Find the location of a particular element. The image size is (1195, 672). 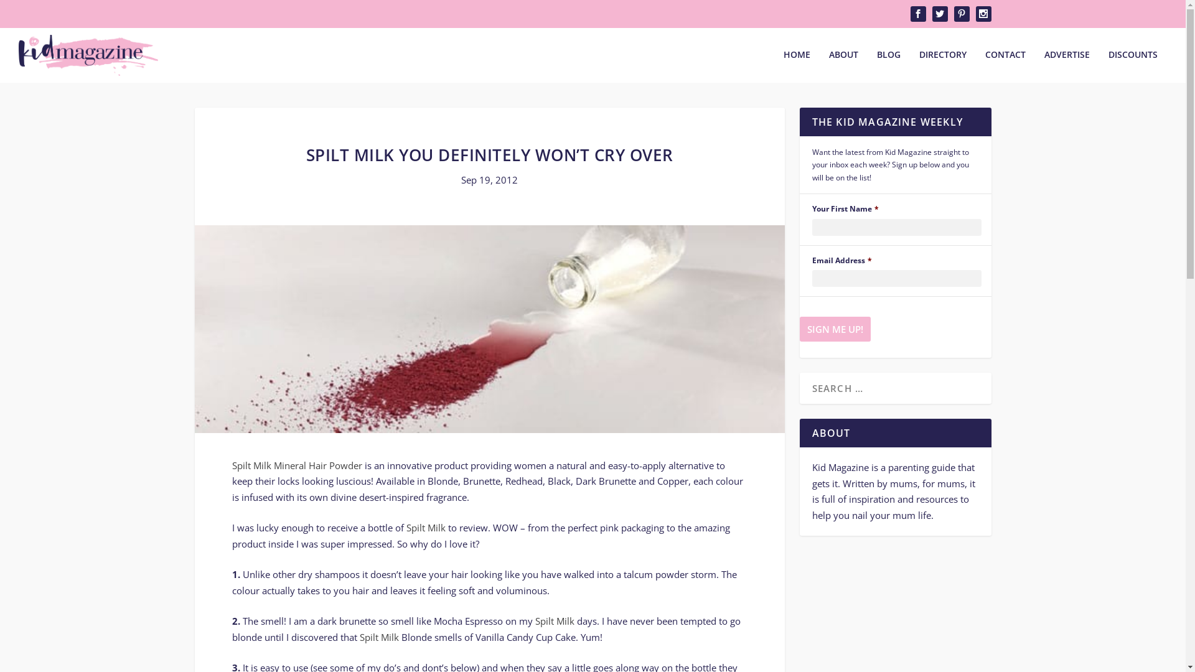

'DISCOUNTS' is located at coordinates (1133, 66).